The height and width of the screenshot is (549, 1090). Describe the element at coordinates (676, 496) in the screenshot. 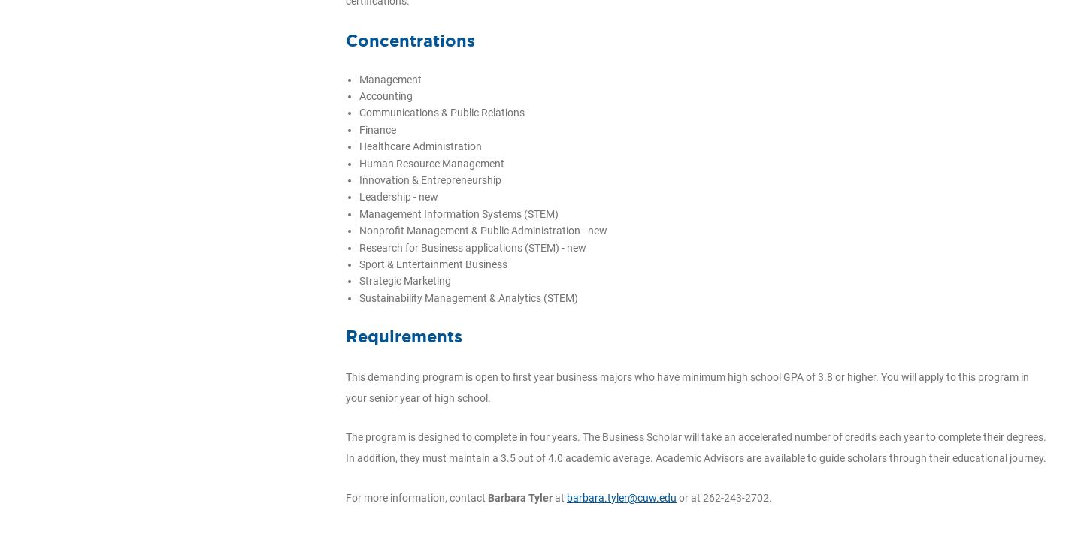

I see `'or at 262-243-2702.'` at that location.